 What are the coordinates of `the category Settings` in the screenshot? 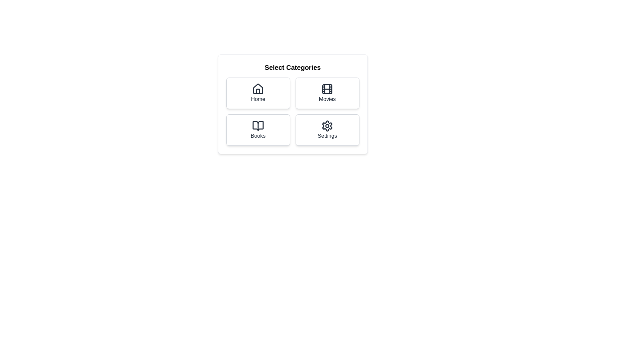 It's located at (327, 130).